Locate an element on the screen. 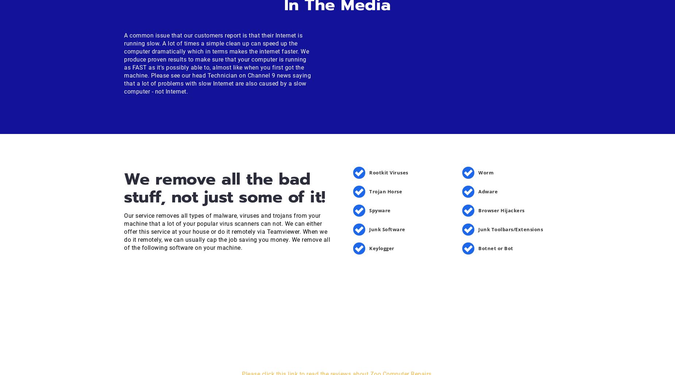 This screenshot has height=375, width=675. 'Our service removes all types of malware, viruses and trojans from your machine that a lot of your popular virus scanners can not. We can either offer this service at your house or do it remotely via Teamviewer. When we do it remotely, we can usually cap the job saving you money. We remove all of the following software on your machine.' is located at coordinates (227, 231).